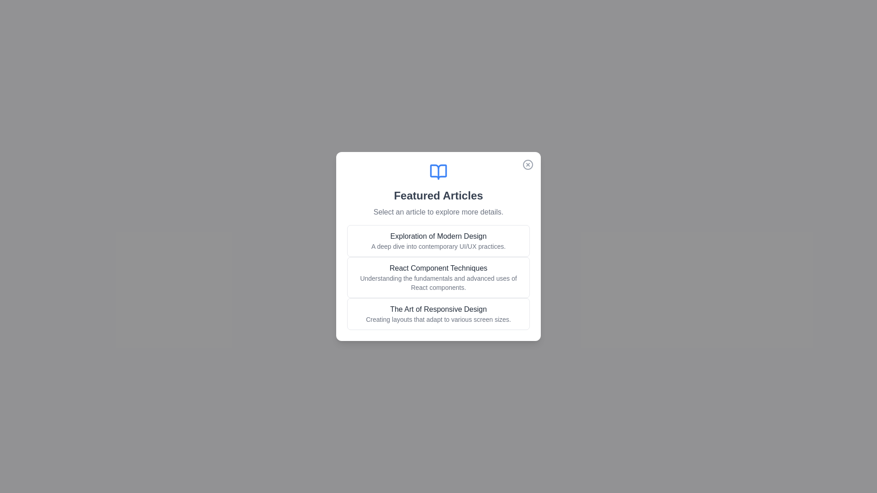 This screenshot has height=493, width=877. I want to click on the close button to close the dialog, so click(528, 165).